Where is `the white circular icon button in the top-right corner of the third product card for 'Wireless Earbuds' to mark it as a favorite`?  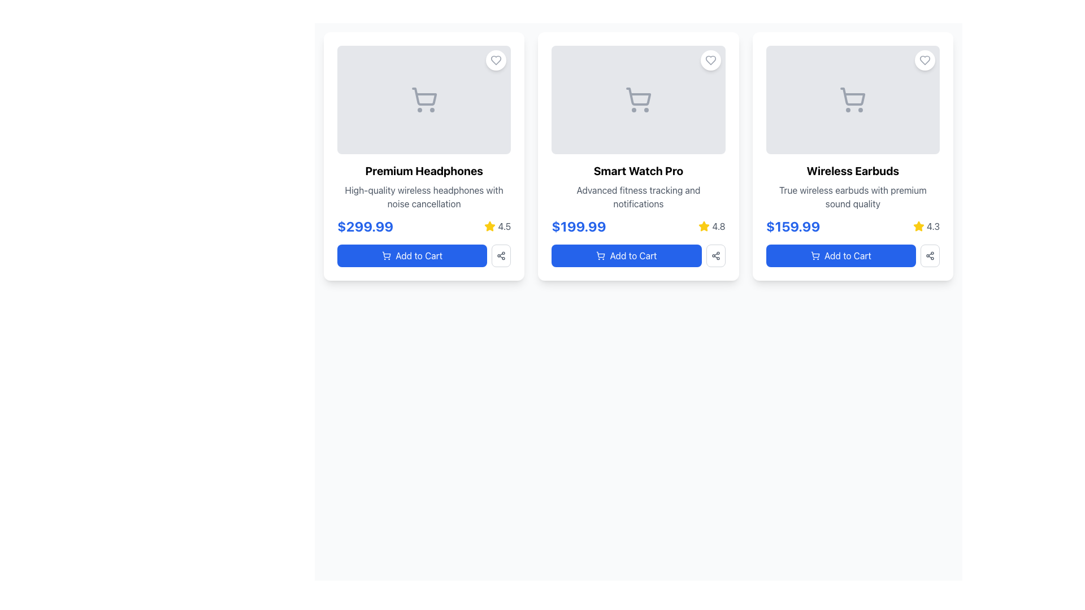
the white circular icon button in the top-right corner of the third product card for 'Wireless Earbuds' to mark it as a favorite is located at coordinates (925, 60).